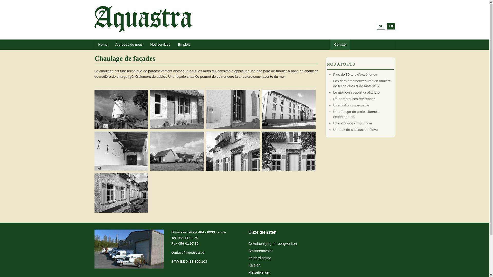 The image size is (493, 277). I want to click on 'Nos services', so click(160, 44).